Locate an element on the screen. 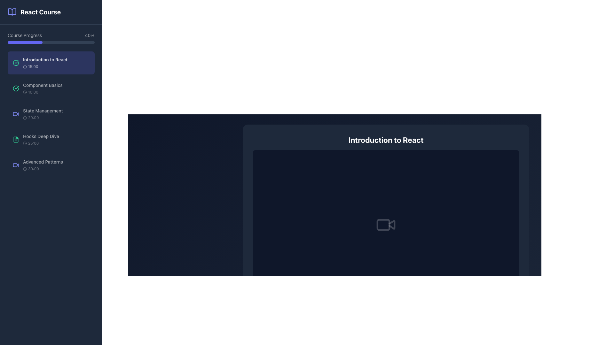 The width and height of the screenshot is (614, 345). the status indication of the circular green icon with a checkmark inside, located in the sidebar next to 'Component Basics' is located at coordinates (16, 88).